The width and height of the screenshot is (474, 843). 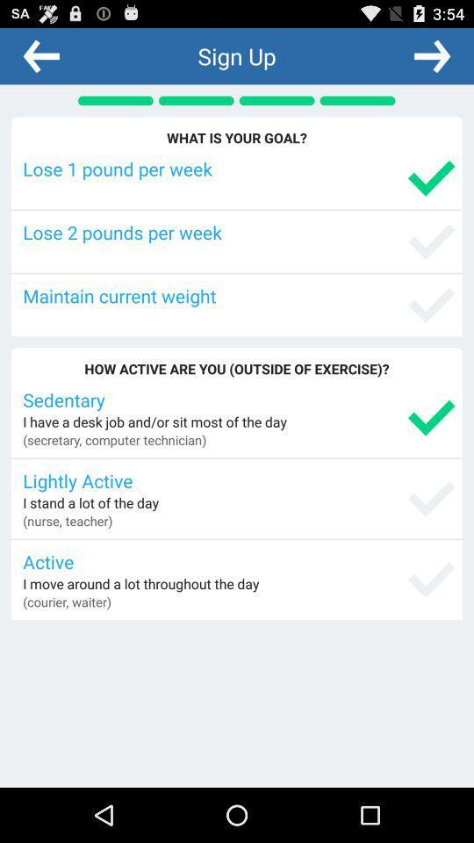 What do you see at coordinates (238, 480) in the screenshot?
I see `lightly active app` at bounding box center [238, 480].